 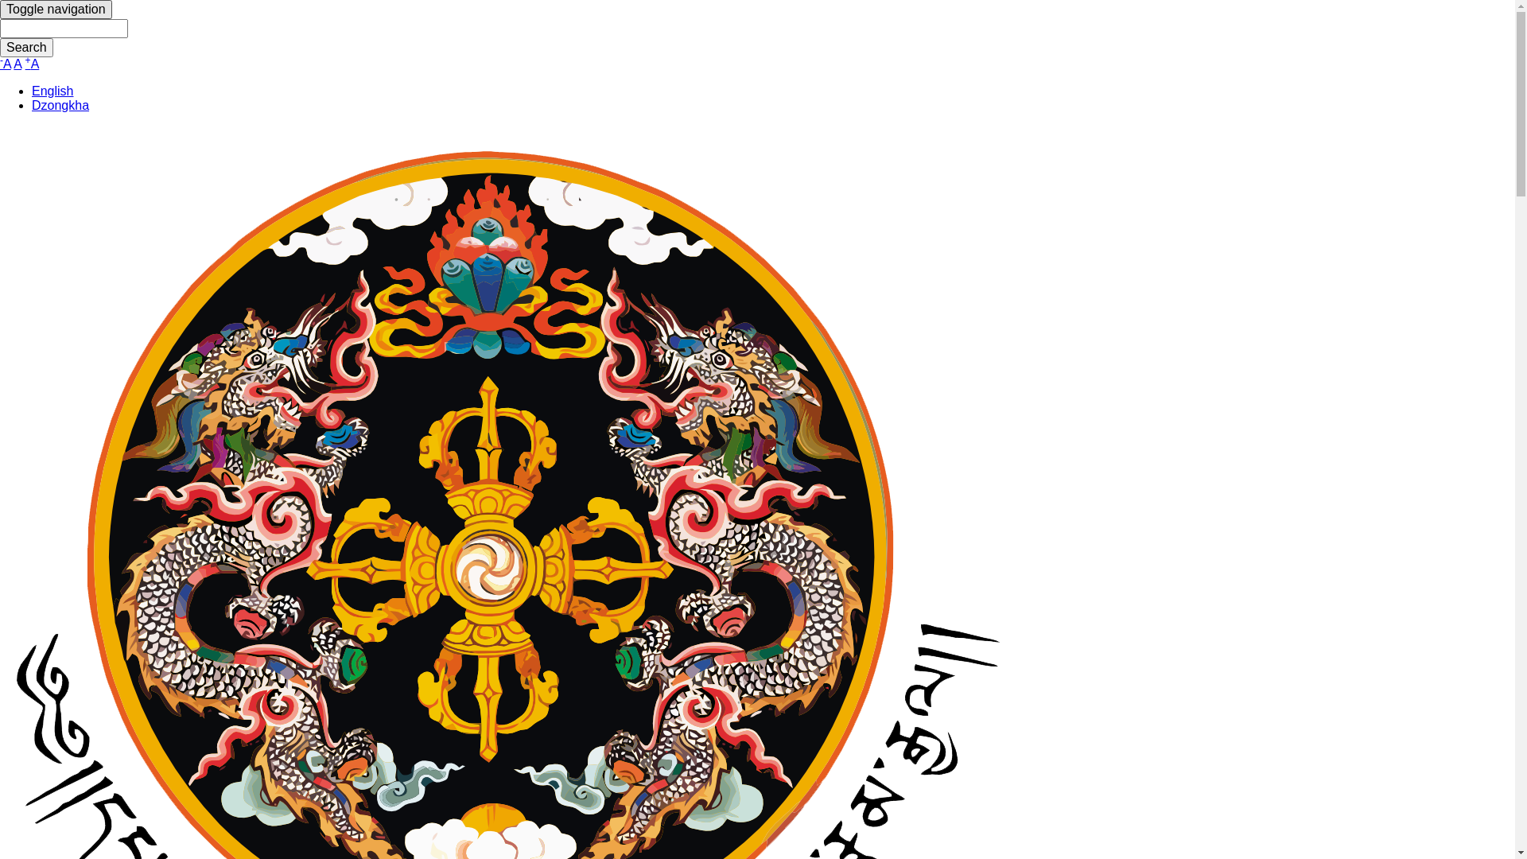 I want to click on 'Skip to main content', so click(x=0, y=0).